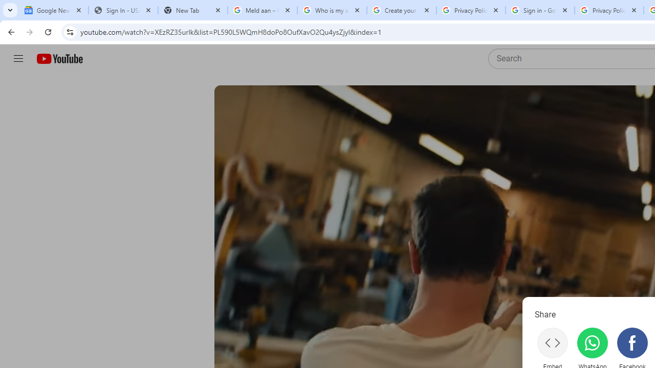 The height and width of the screenshot is (368, 655). I want to click on 'Sign in - Google Accounts', so click(539, 10).